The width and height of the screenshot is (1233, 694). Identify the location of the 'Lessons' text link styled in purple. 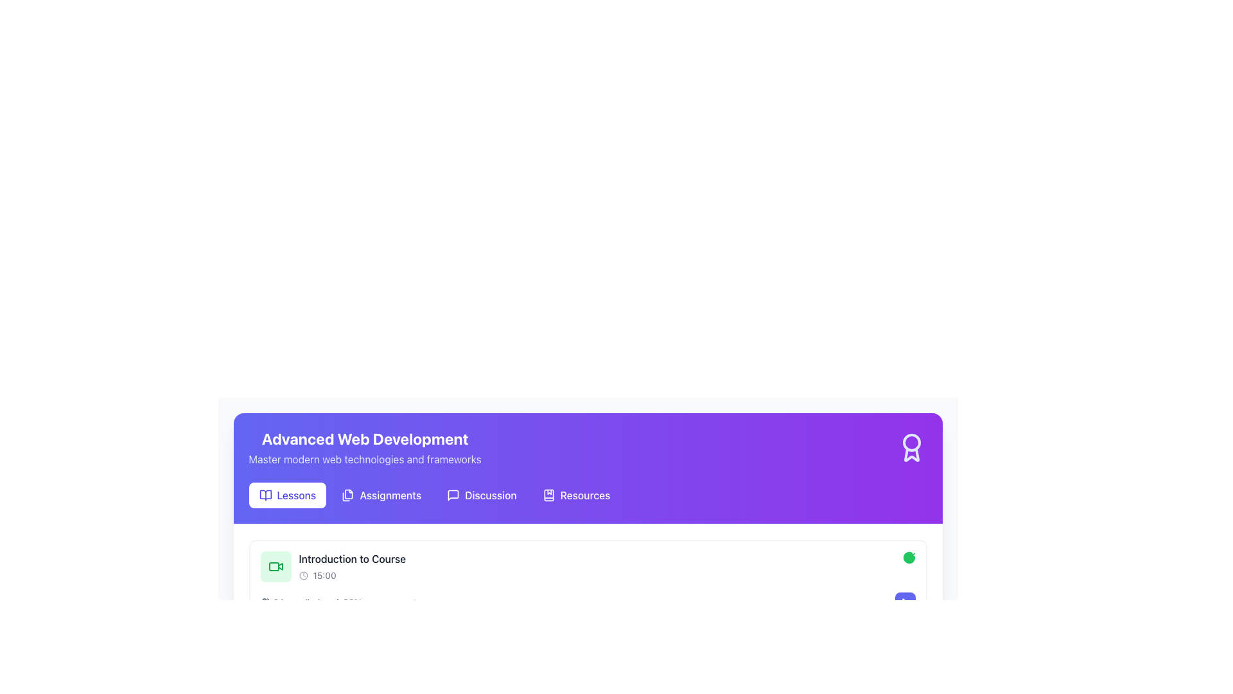
(295, 495).